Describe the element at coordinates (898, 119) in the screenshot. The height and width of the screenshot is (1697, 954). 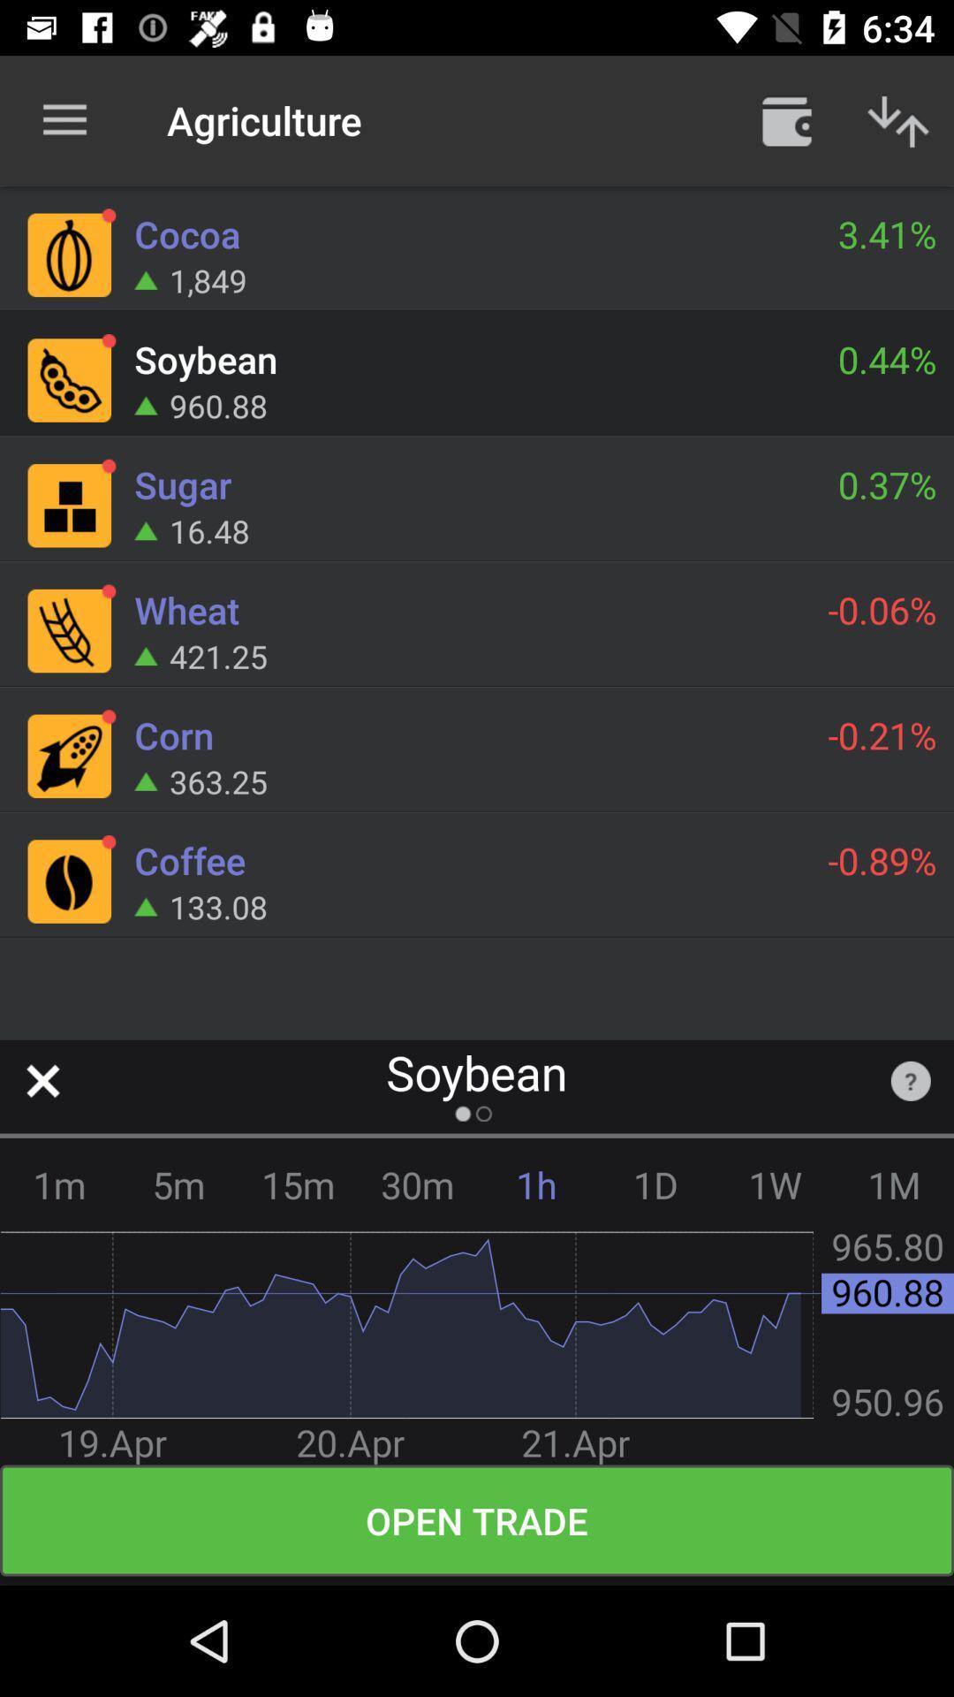
I see `change low to high` at that location.